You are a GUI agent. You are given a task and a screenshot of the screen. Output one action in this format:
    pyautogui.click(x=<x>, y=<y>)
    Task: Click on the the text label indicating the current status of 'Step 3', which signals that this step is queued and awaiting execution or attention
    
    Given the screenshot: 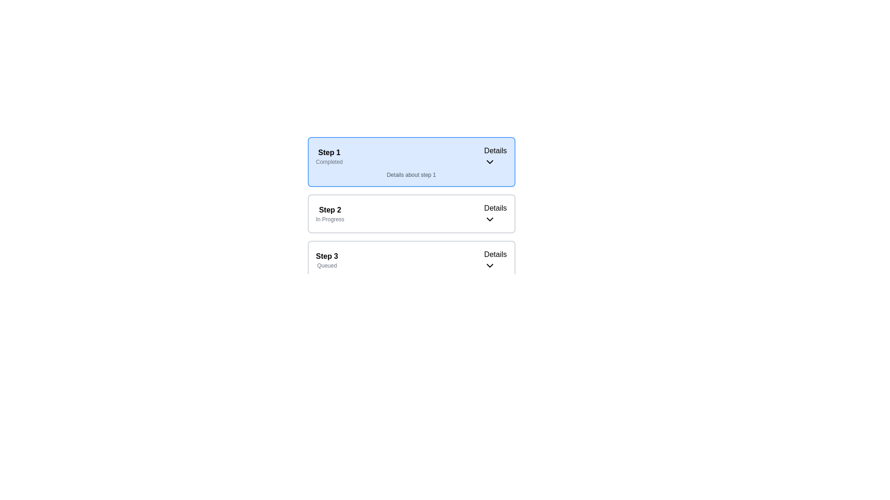 What is the action you would take?
    pyautogui.click(x=327, y=266)
    